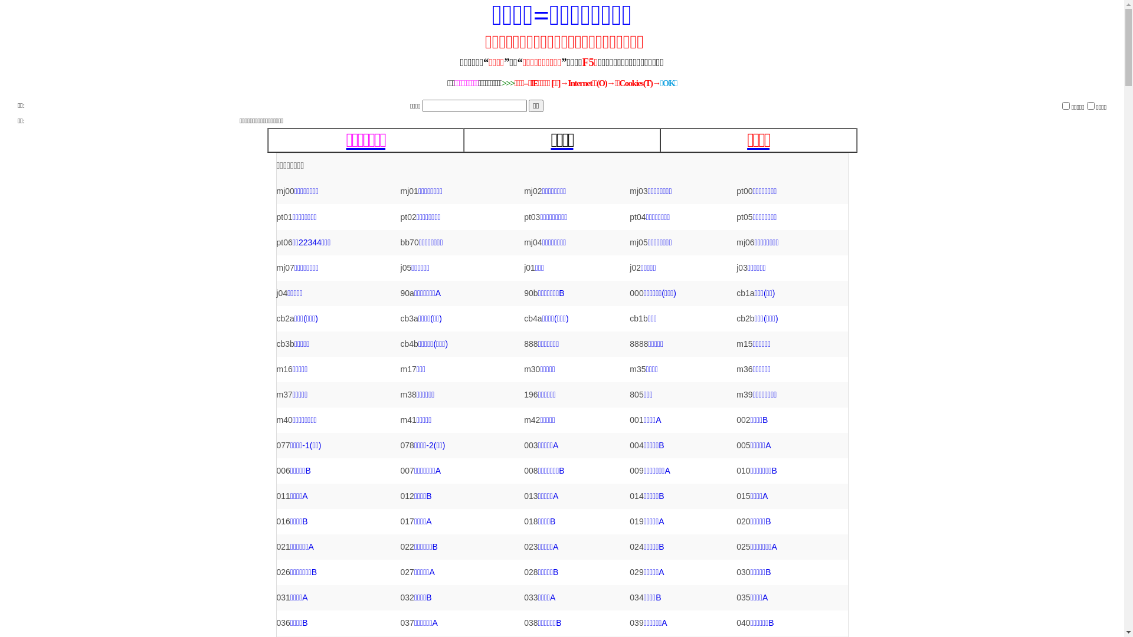  Describe the element at coordinates (636, 445) in the screenshot. I see `'004'` at that location.